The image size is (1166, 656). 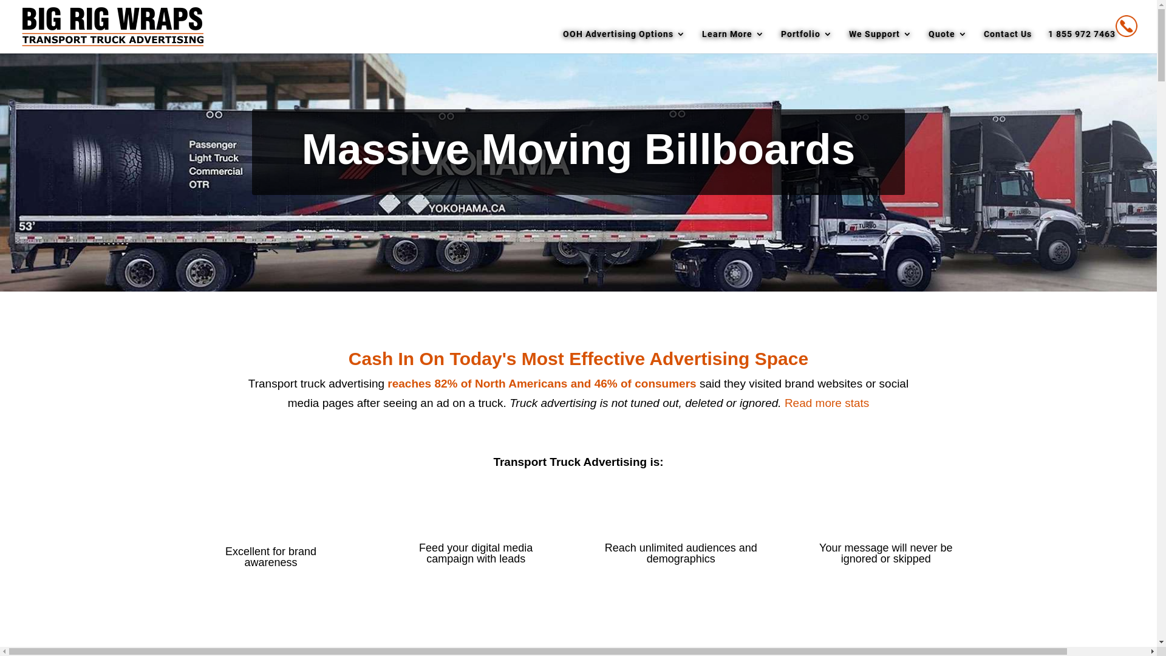 I want to click on 'Read more stats', so click(x=826, y=403).